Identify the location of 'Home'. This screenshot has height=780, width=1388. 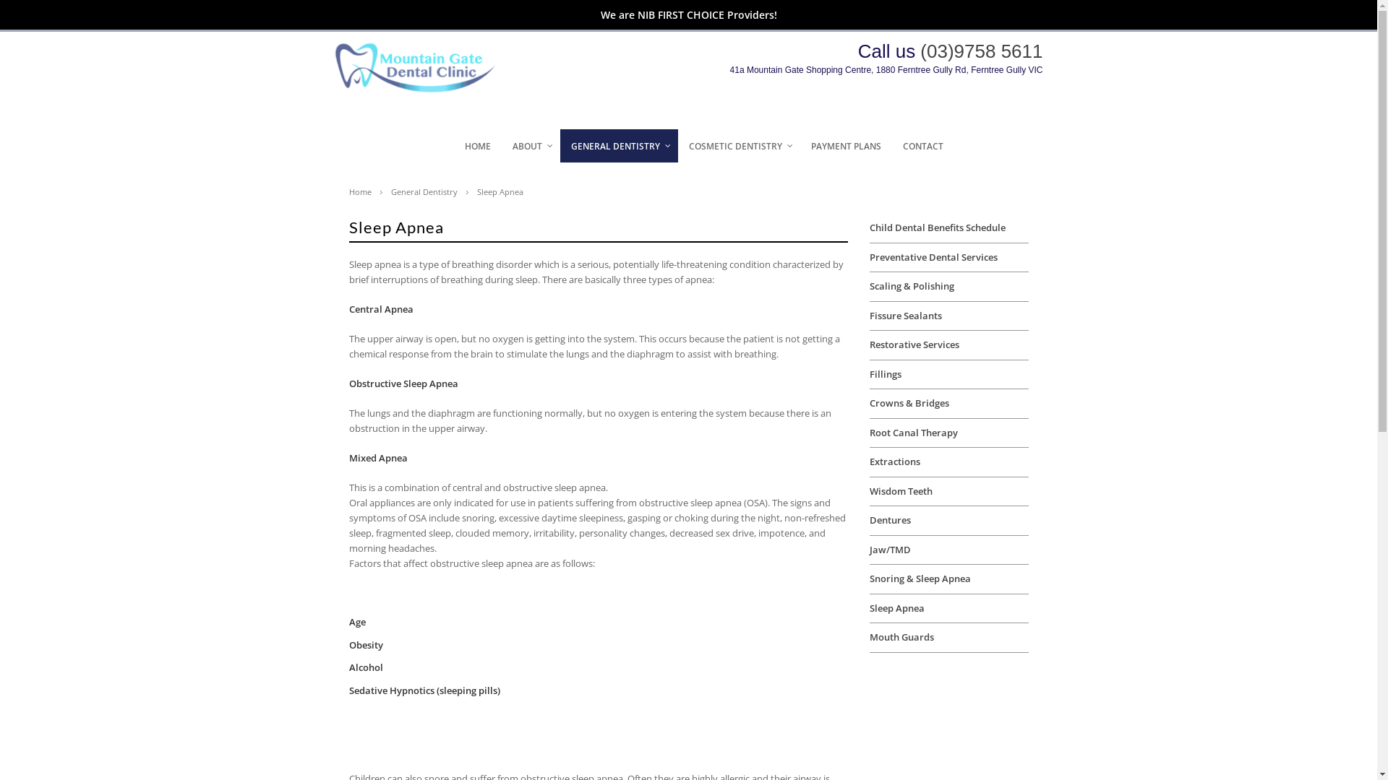
(367, 191).